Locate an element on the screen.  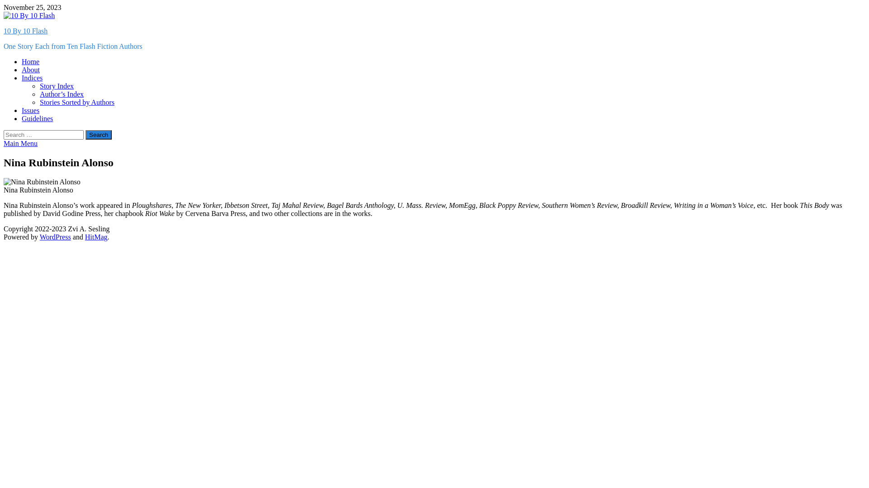
'HitMag' is located at coordinates (85, 236).